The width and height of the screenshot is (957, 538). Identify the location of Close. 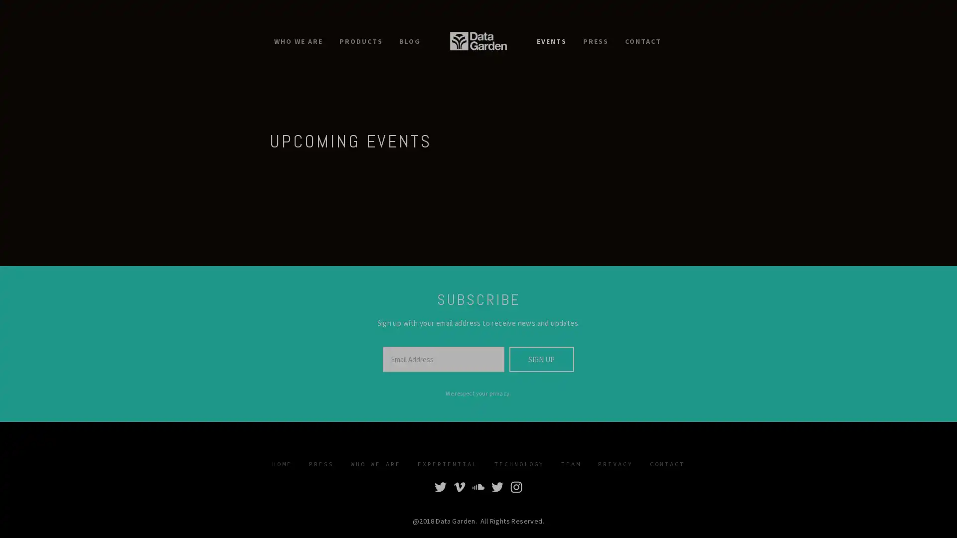
(626, 138).